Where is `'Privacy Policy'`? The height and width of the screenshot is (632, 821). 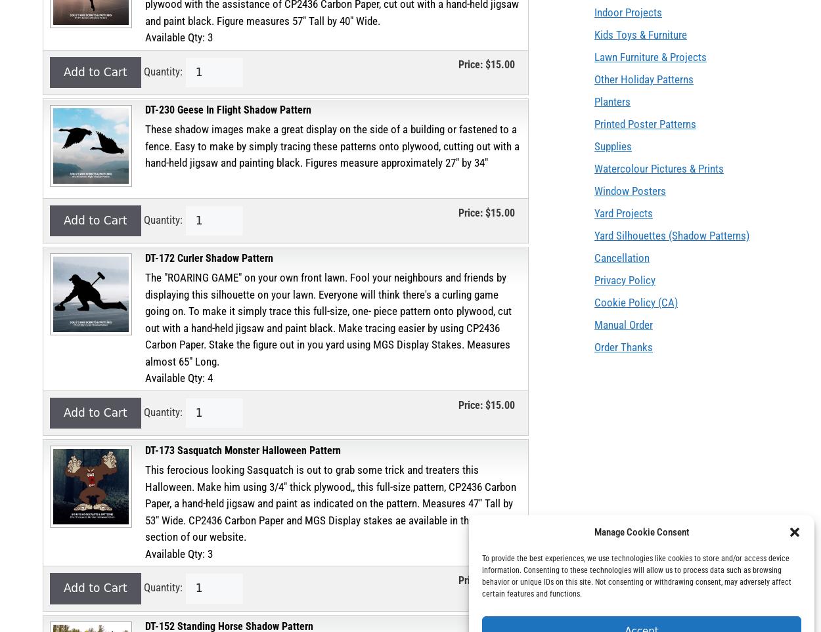 'Privacy Policy' is located at coordinates (624, 280).